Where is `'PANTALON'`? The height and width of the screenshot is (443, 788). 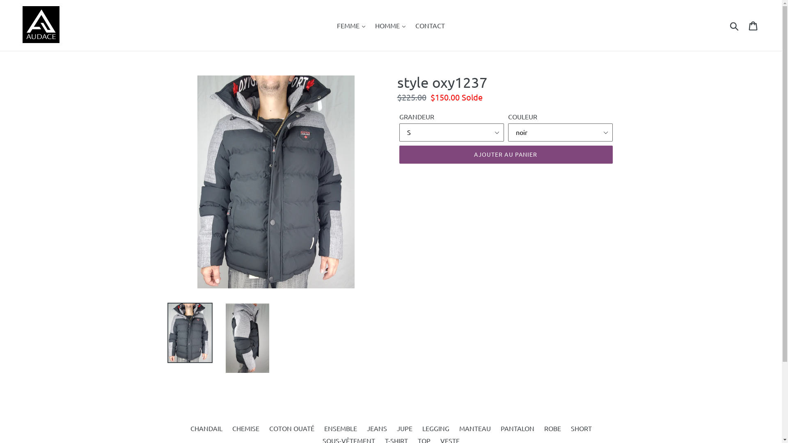
'PANTALON' is located at coordinates (517, 428).